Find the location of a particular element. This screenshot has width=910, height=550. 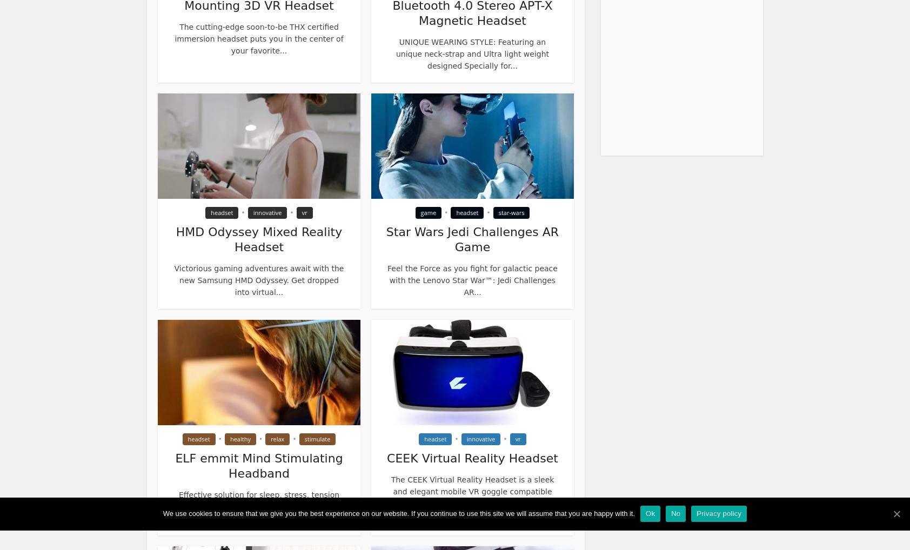

'No' is located at coordinates (675, 513).